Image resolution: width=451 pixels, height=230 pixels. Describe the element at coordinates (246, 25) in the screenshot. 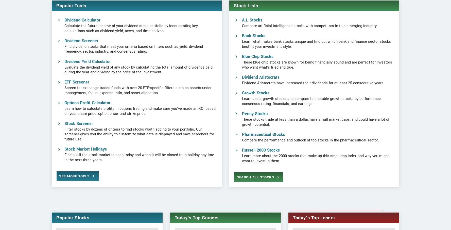

I see `'Stock Lists'` at that location.